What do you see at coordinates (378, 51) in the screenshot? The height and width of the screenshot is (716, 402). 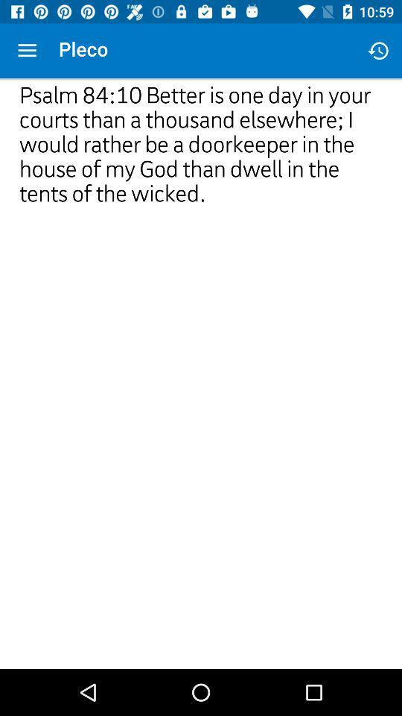 I see `the item above the psalm 84 10` at bounding box center [378, 51].